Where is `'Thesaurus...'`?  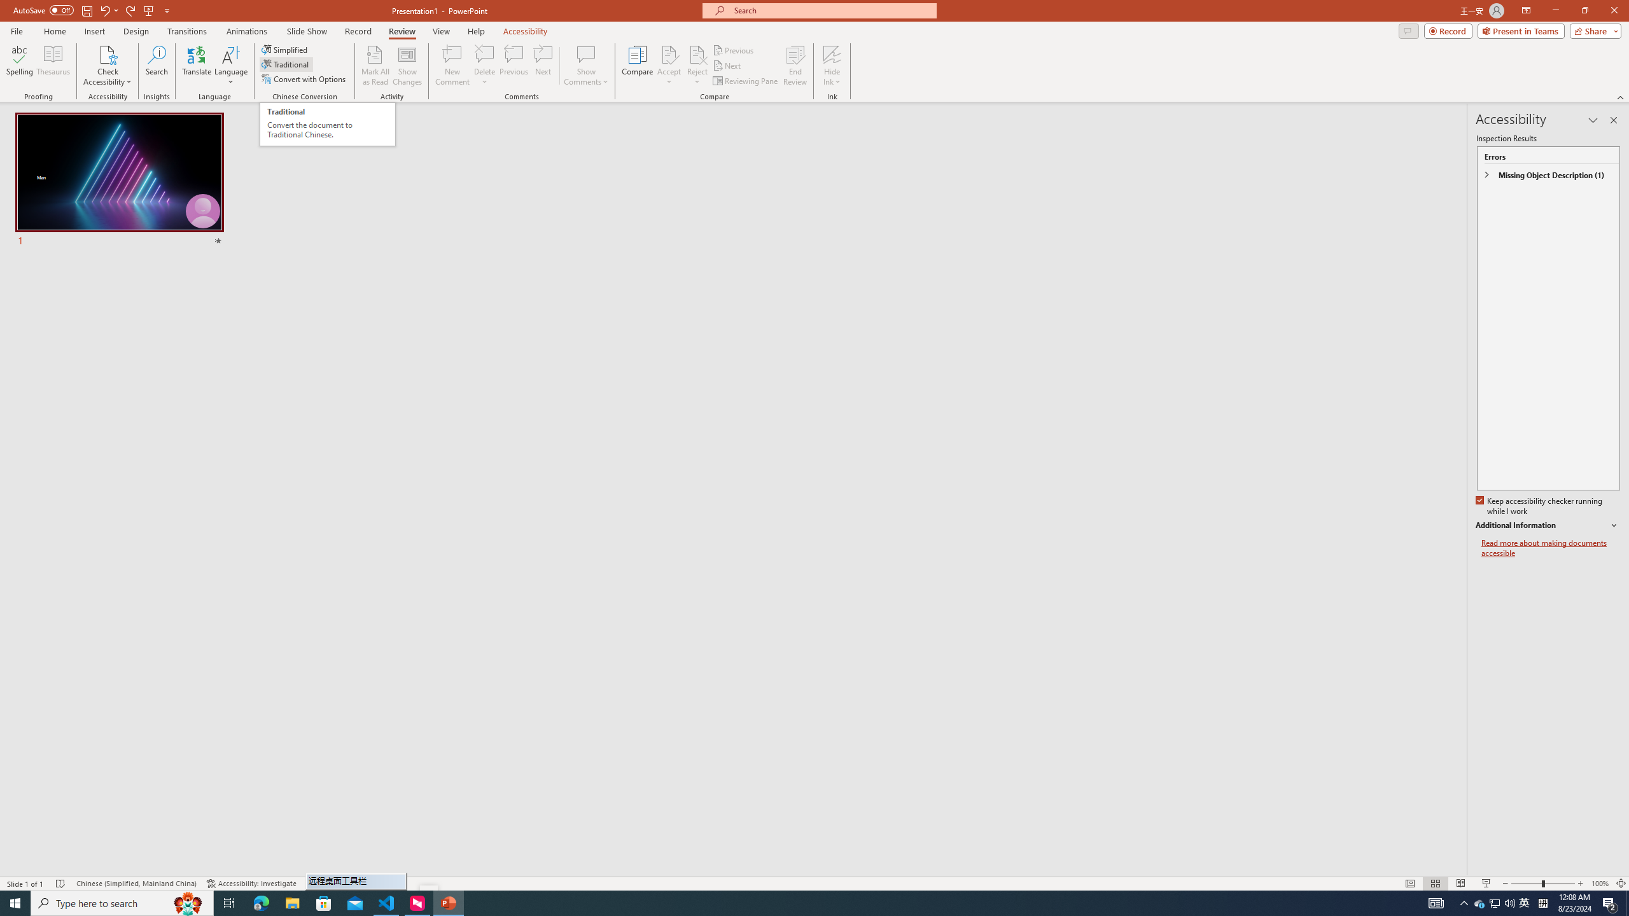 'Thesaurus...' is located at coordinates (52, 66).